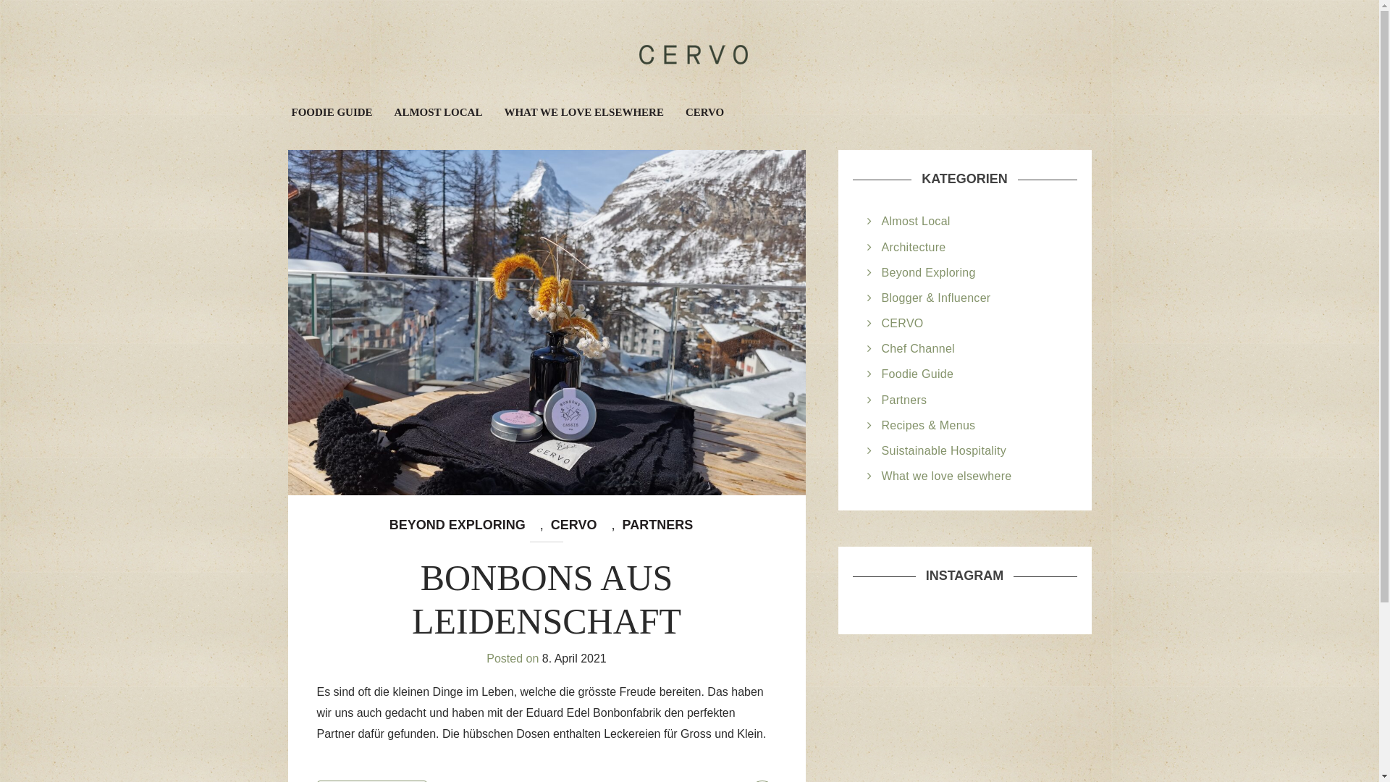 This screenshot has width=1390, height=782. Describe the element at coordinates (657, 525) in the screenshot. I see `'PARTNERS'` at that location.